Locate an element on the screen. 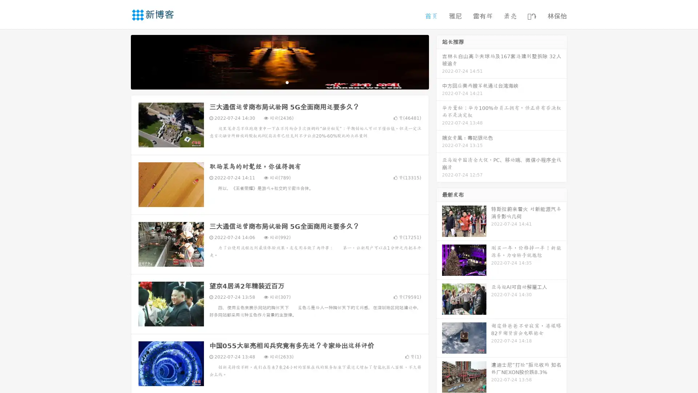 The image size is (698, 393). Go to slide 3 is located at coordinates (287, 82).